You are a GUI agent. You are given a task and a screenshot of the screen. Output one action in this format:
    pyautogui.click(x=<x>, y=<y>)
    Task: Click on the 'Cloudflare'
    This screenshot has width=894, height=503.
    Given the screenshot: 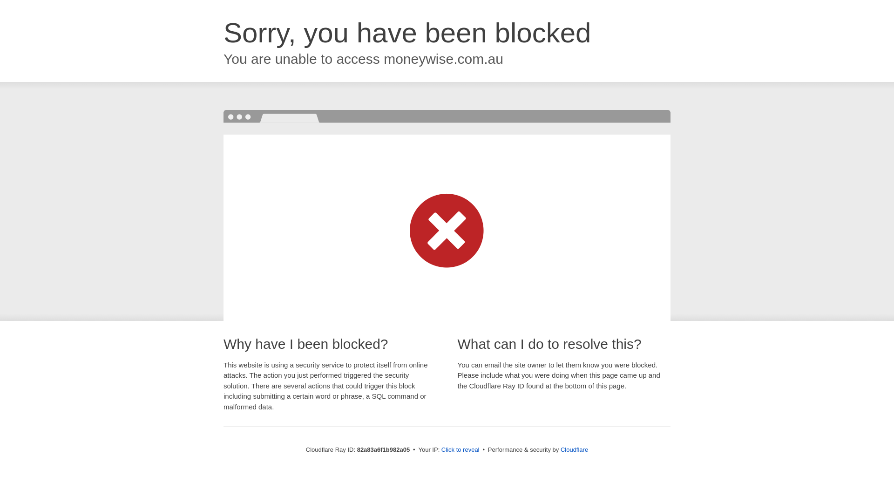 What is the action you would take?
    pyautogui.click(x=574, y=449)
    